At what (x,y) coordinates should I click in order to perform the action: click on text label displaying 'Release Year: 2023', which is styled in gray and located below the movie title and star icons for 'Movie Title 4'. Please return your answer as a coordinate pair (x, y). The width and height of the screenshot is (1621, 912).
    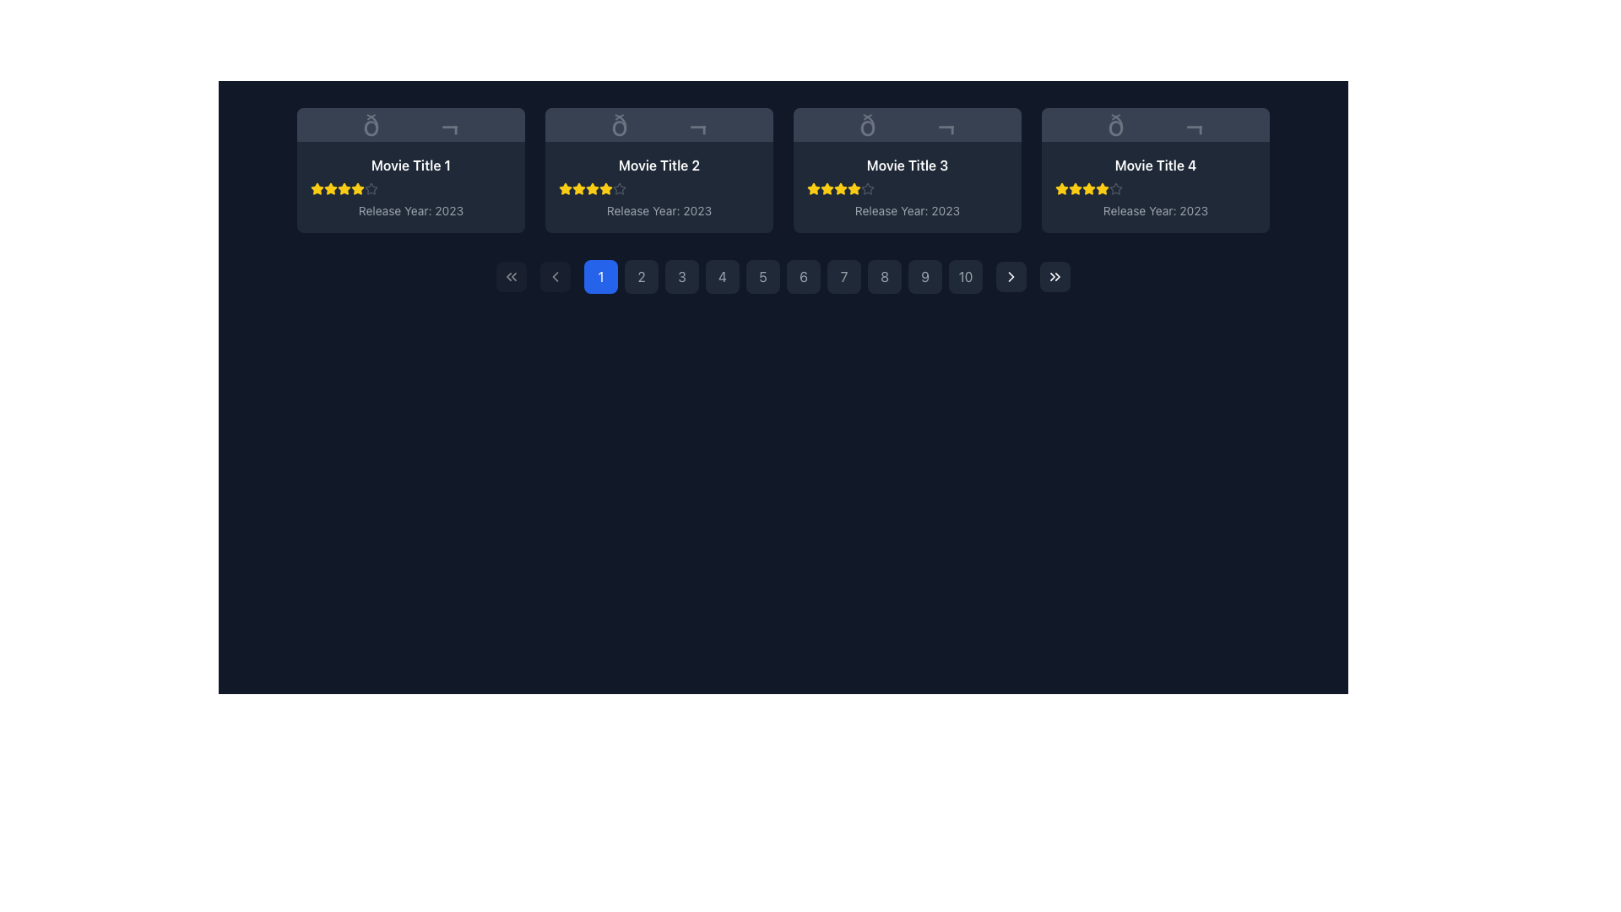
    Looking at the image, I should click on (1154, 210).